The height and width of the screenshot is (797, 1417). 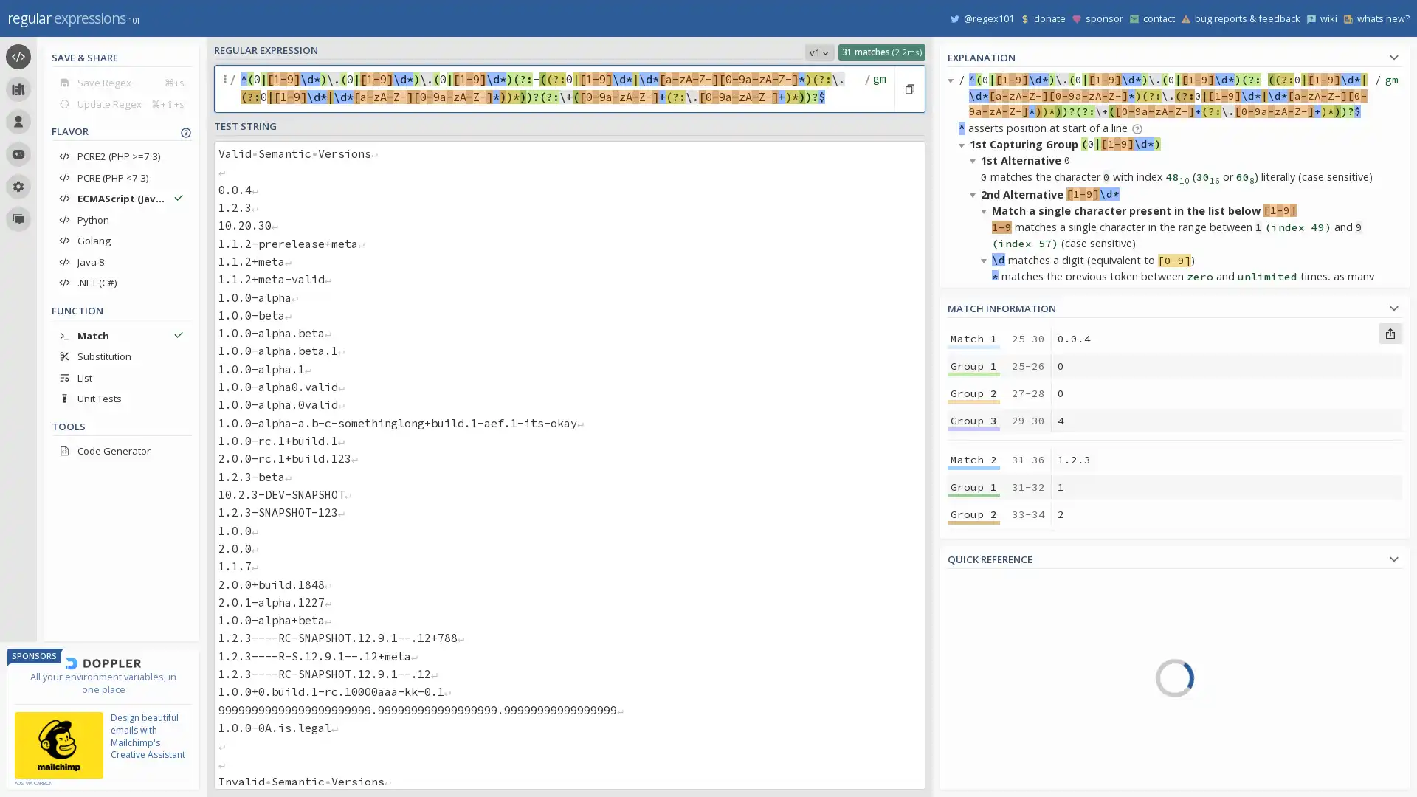 What do you see at coordinates (986, 577) in the screenshot?
I see `Collapse Subtree` at bounding box center [986, 577].